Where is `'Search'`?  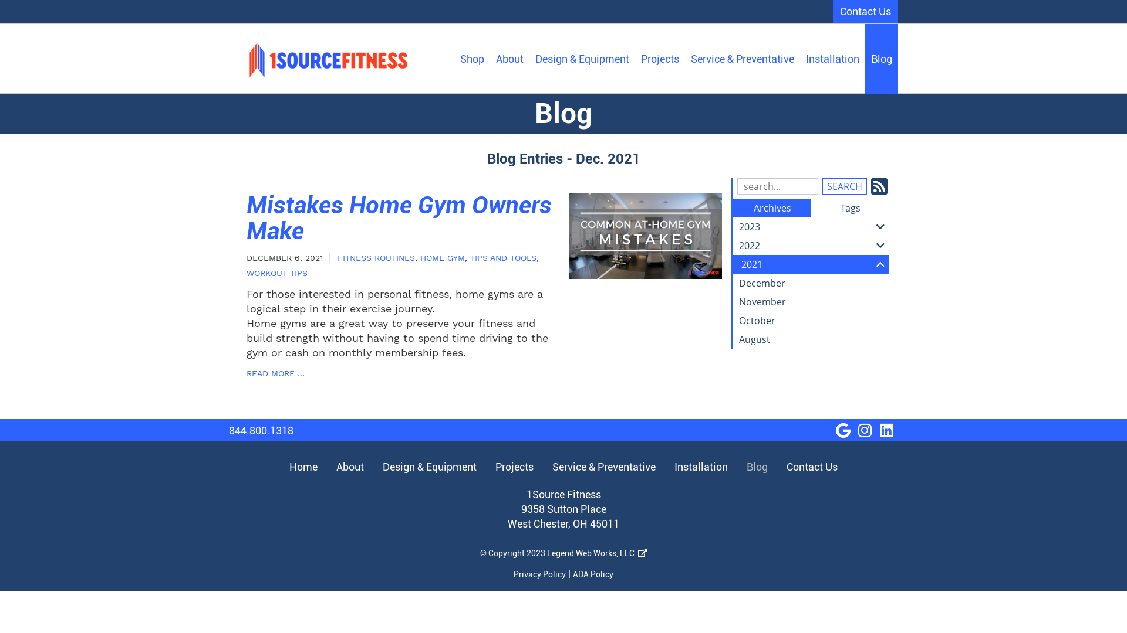 'Search' is located at coordinates (822, 185).